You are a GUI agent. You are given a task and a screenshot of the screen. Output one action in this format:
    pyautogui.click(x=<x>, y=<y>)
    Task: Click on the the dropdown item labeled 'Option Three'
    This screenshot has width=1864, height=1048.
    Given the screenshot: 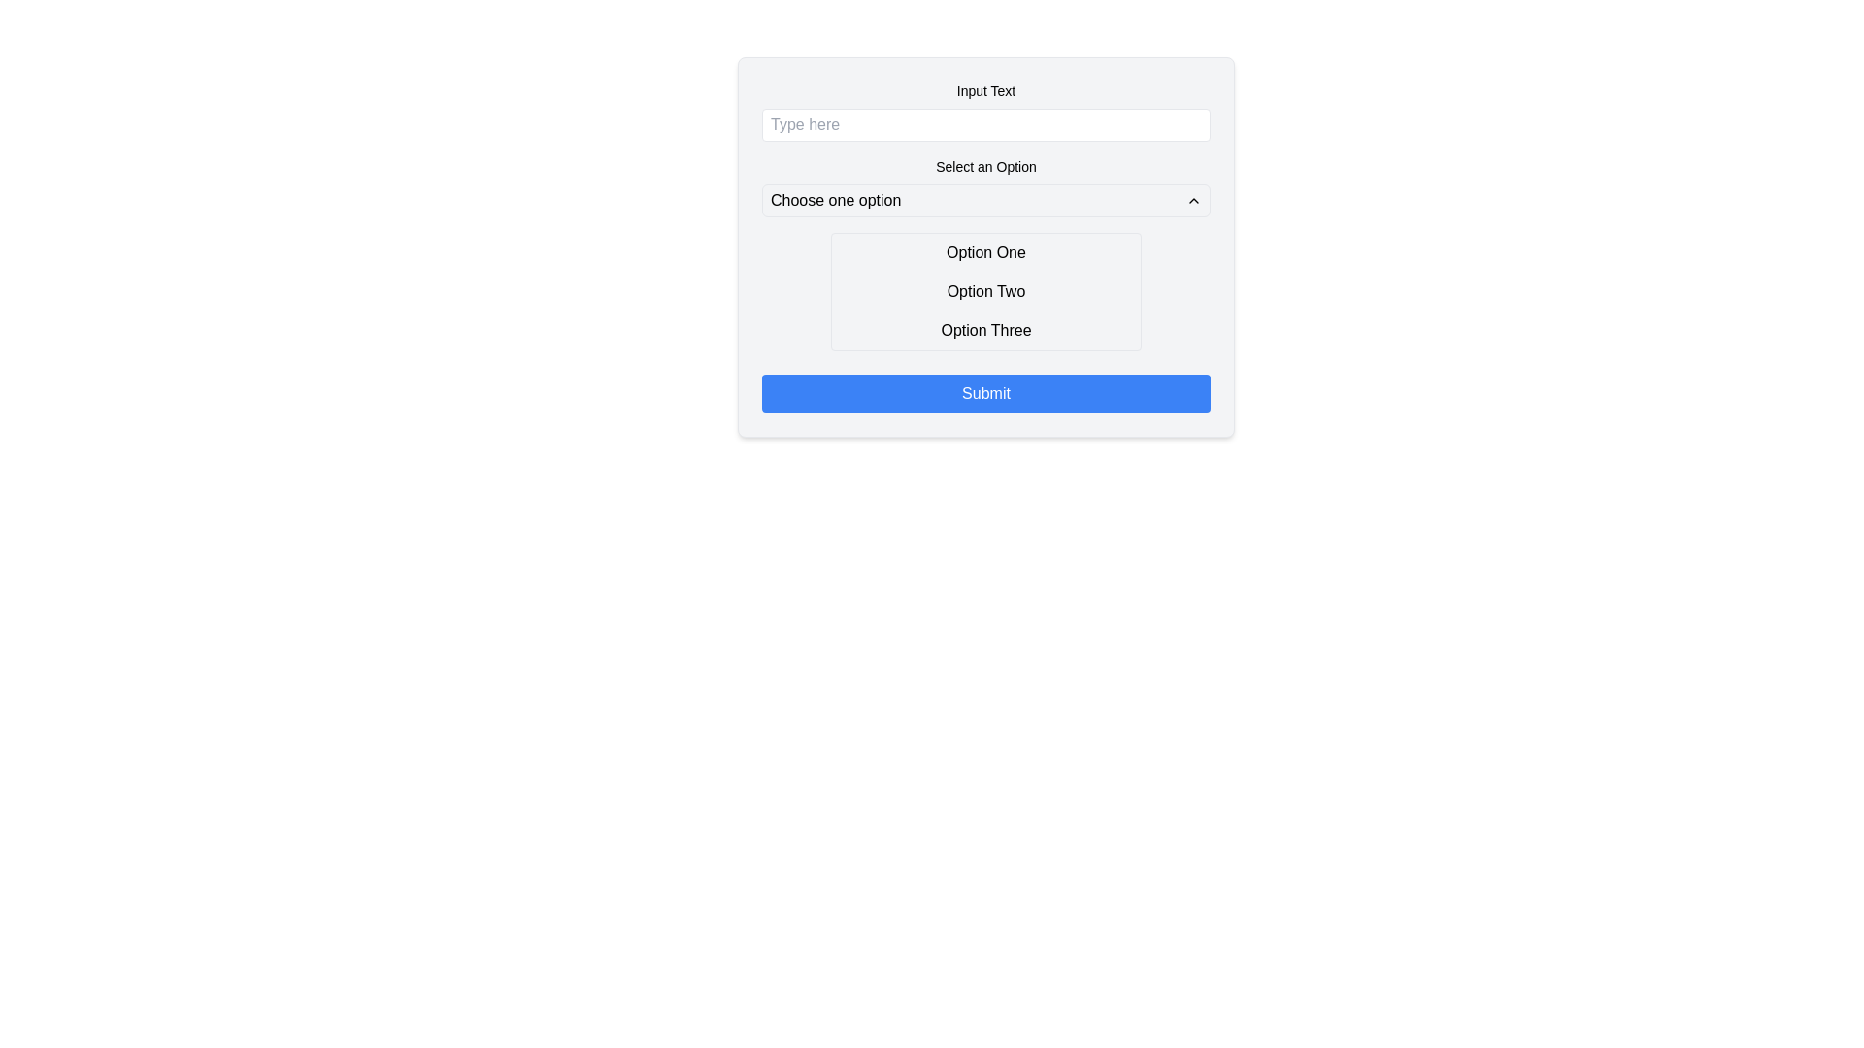 What is the action you would take?
    pyautogui.click(x=986, y=329)
    